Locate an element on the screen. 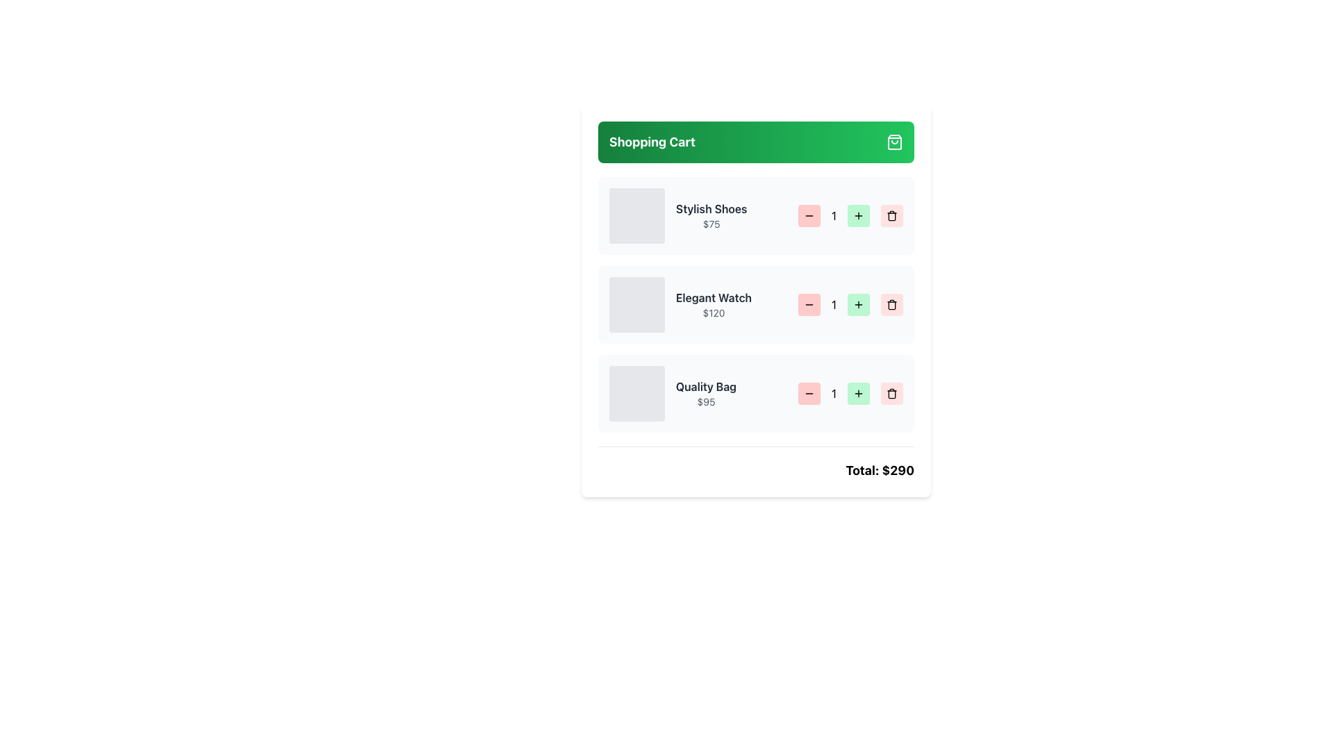  the bold, large text displaying 'Total: $290' located at the bottom right corner of the shopping cart interface is located at coordinates (879, 470).